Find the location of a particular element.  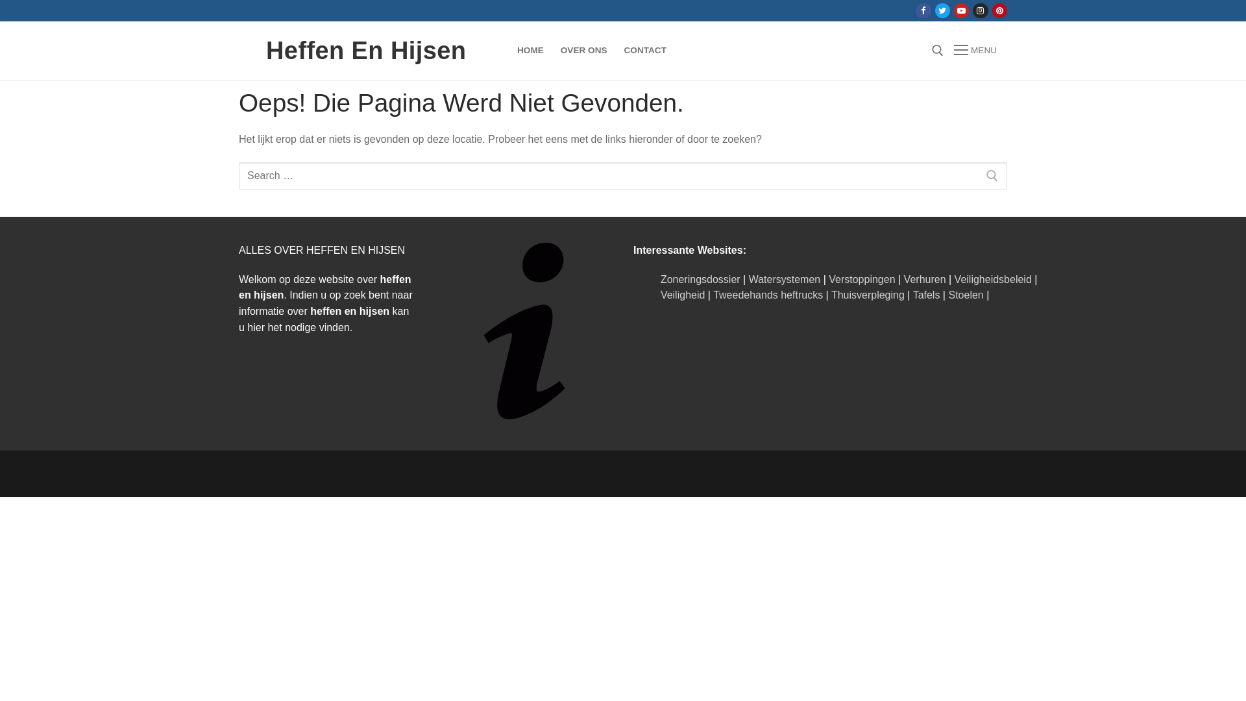

'Verstoppingen' is located at coordinates (862, 278).